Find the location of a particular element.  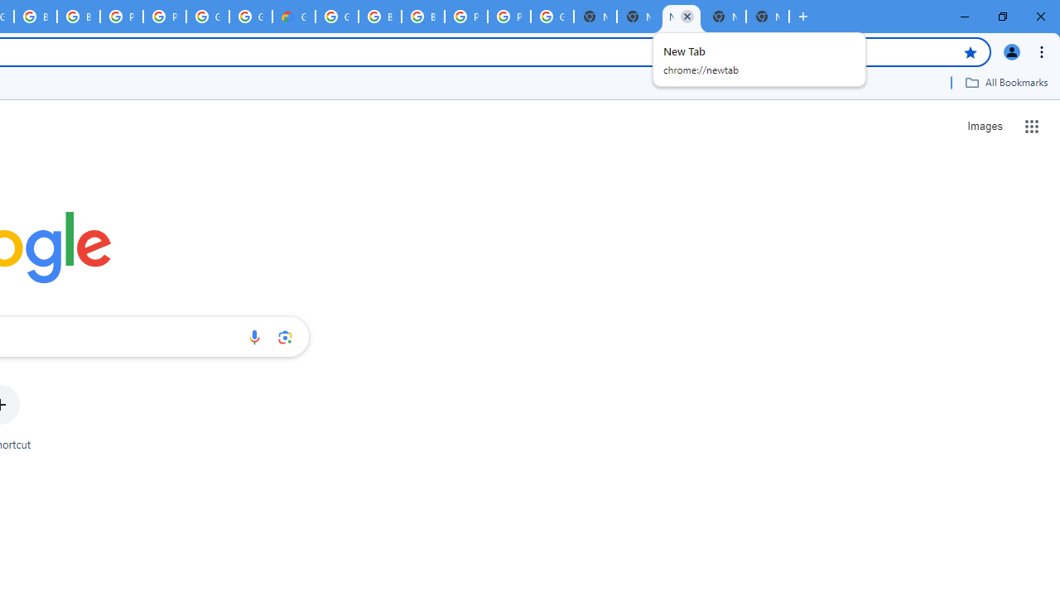

'Browse Chrome as a guest - Computer - Google Chrome Help' is located at coordinates (378, 17).